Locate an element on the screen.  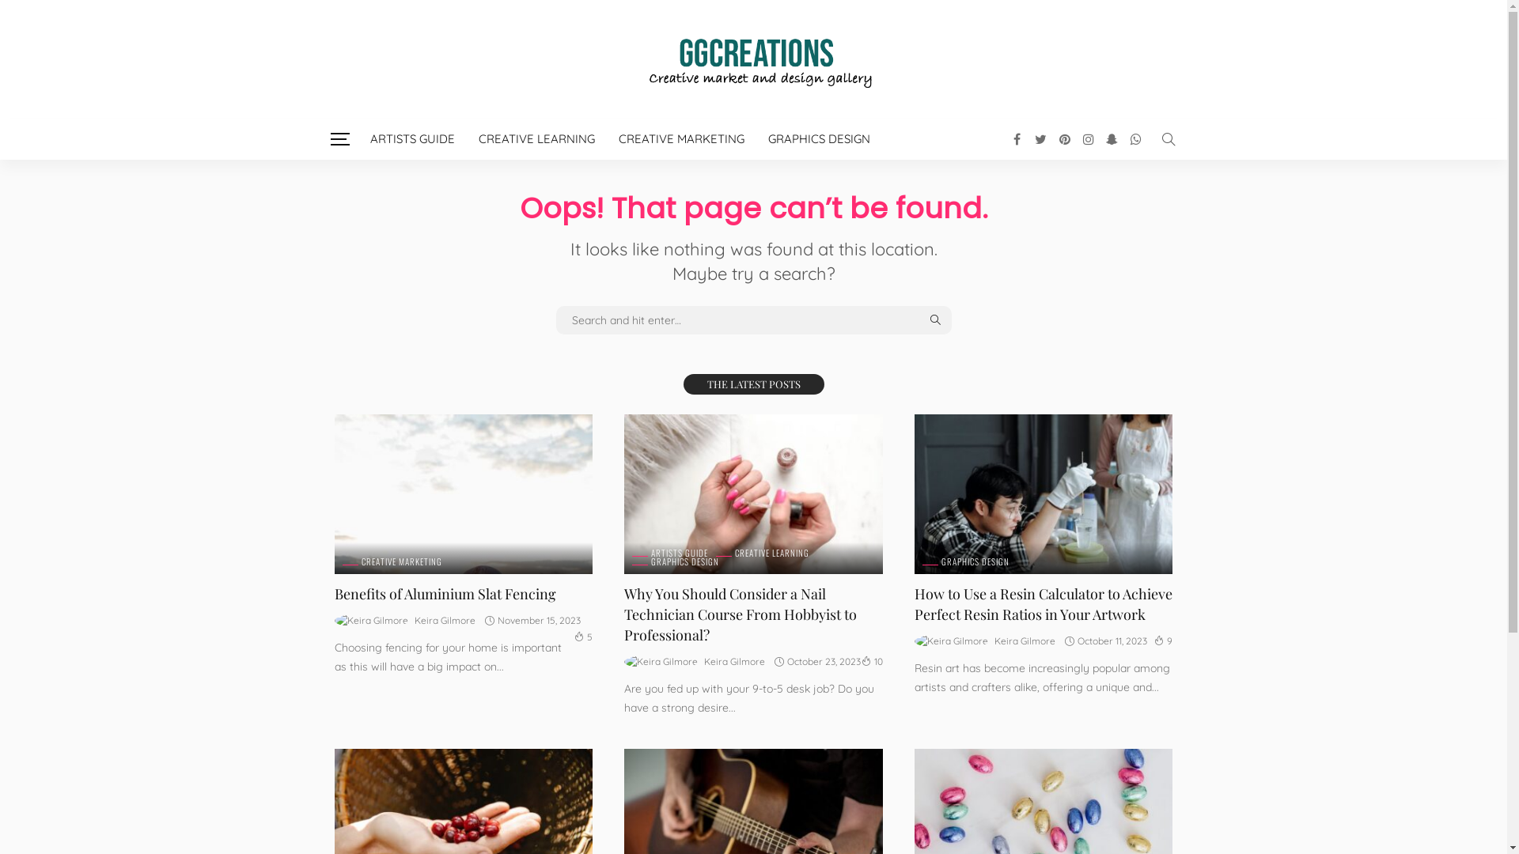
'Creative market and design gallery' is located at coordinates (752, 58).